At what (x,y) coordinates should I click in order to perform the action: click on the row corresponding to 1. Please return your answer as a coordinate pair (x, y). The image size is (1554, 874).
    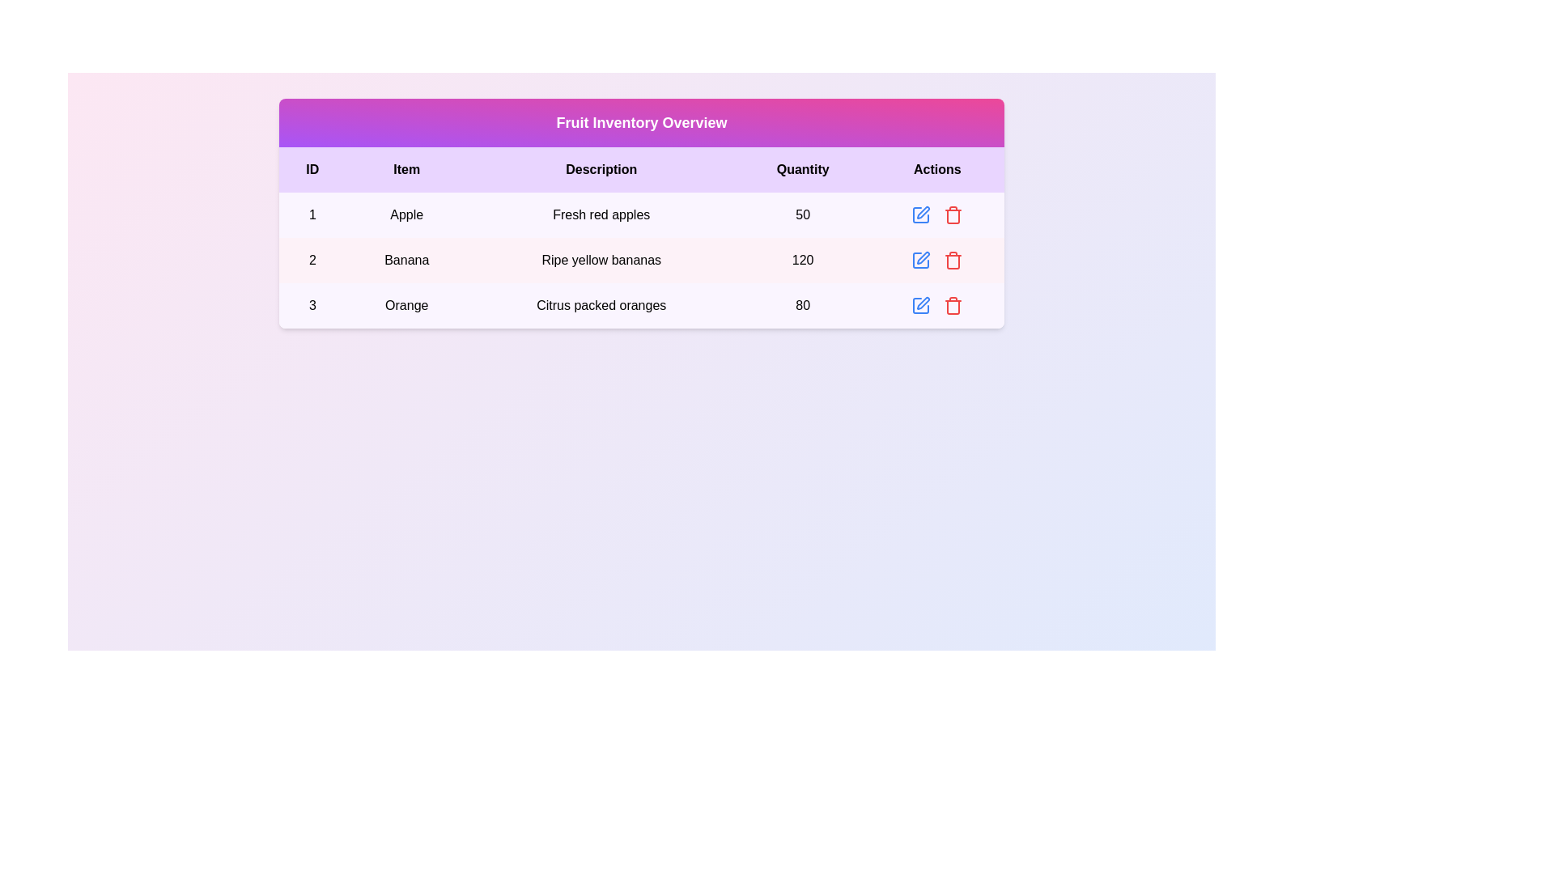
    Looking at the image, I should click on (640, 214).